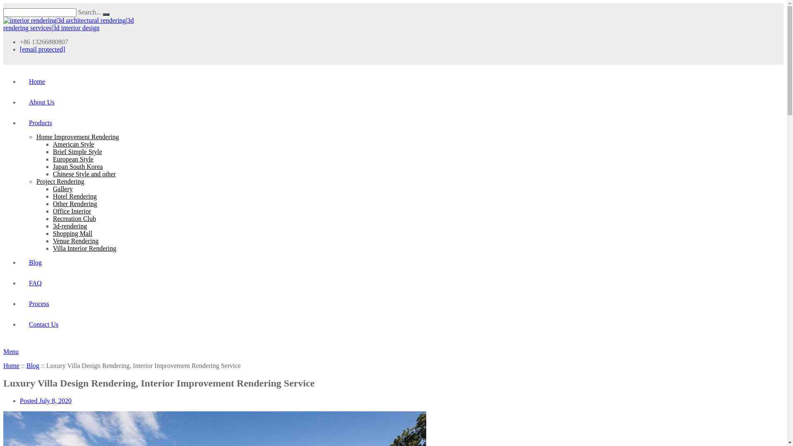 This screenshot has height=446, width=793. I want to click on 'About Us', so click(39, 102).